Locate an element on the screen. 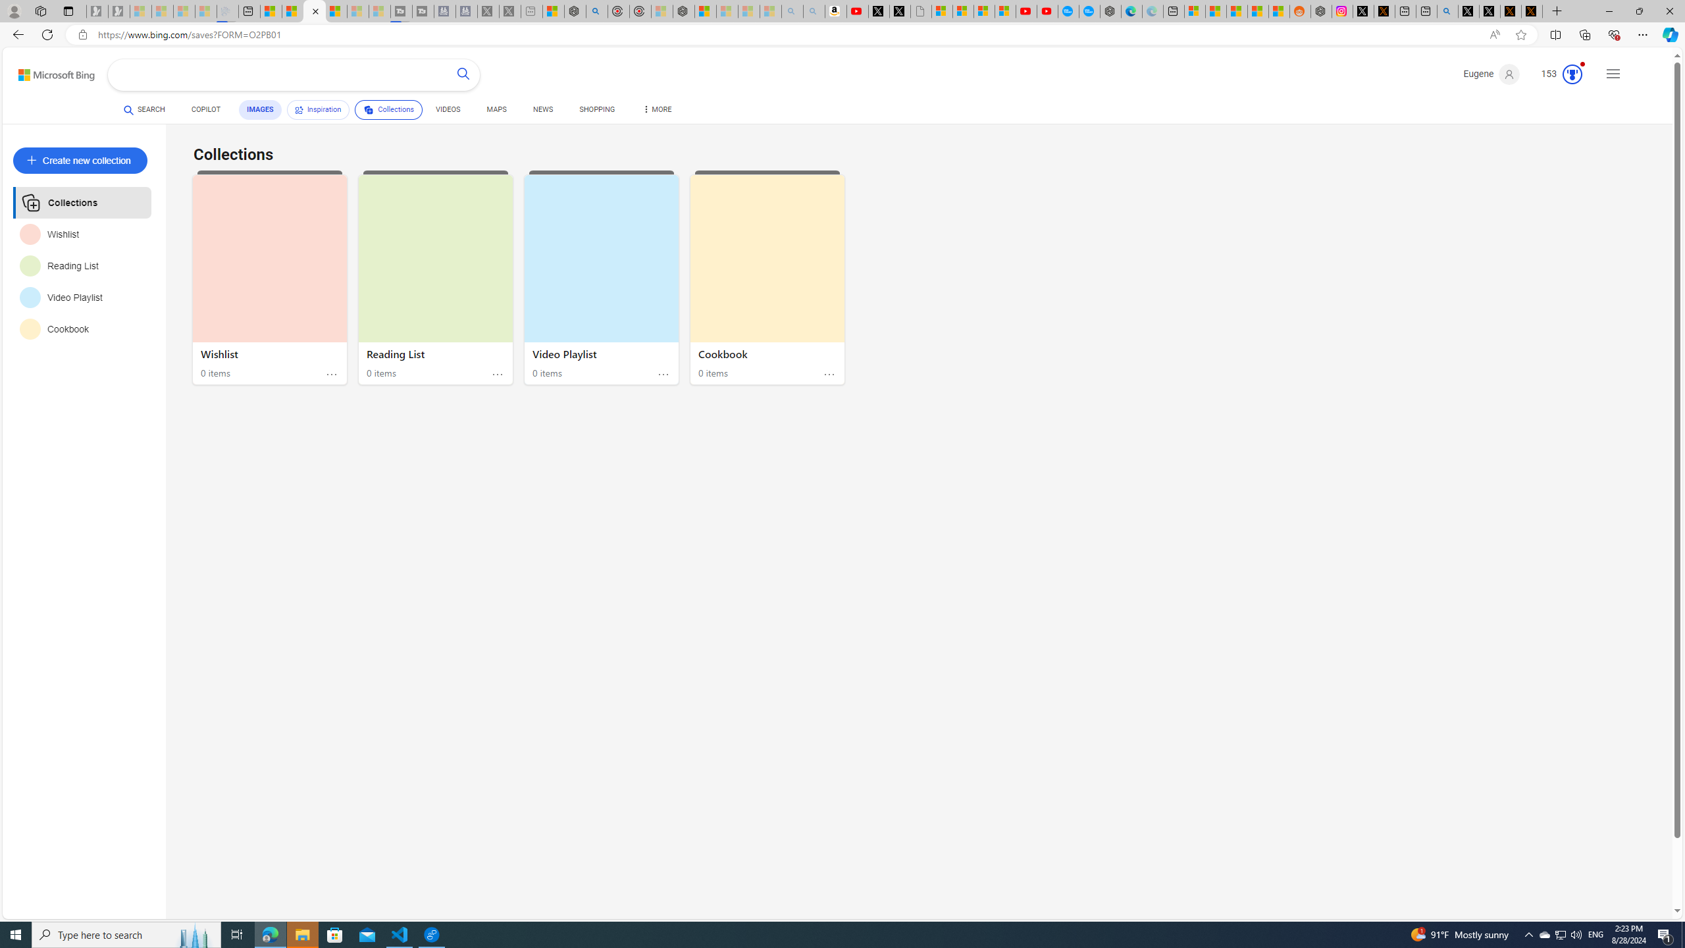  'SHOPPING' is located at coordinates (596, 111).